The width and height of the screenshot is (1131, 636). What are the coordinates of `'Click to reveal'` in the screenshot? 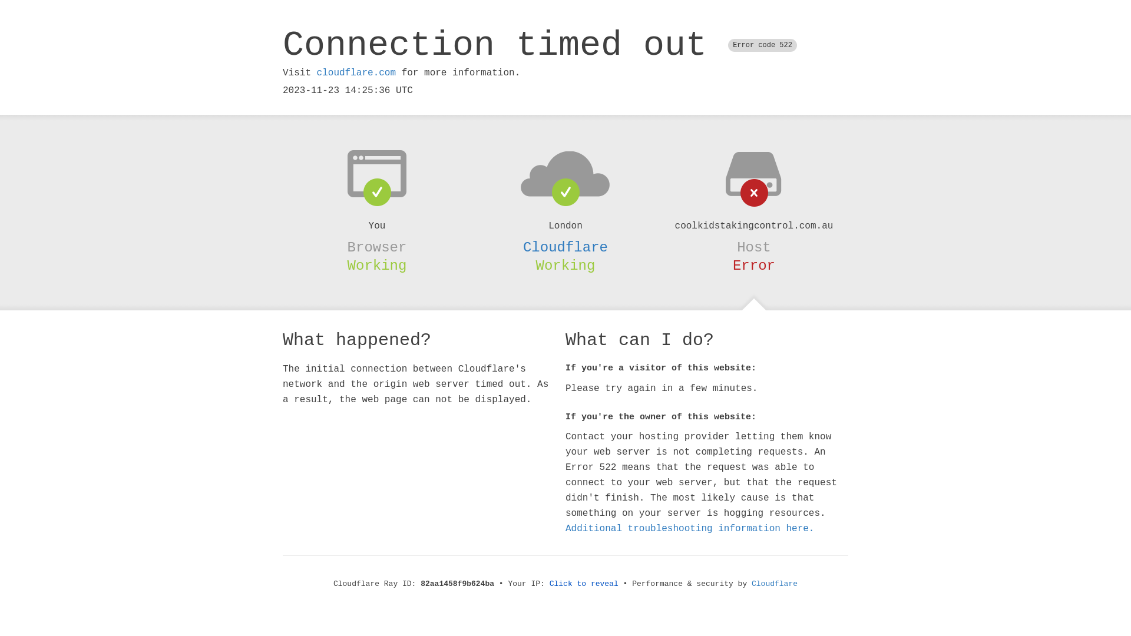 It's located at (584, 584).